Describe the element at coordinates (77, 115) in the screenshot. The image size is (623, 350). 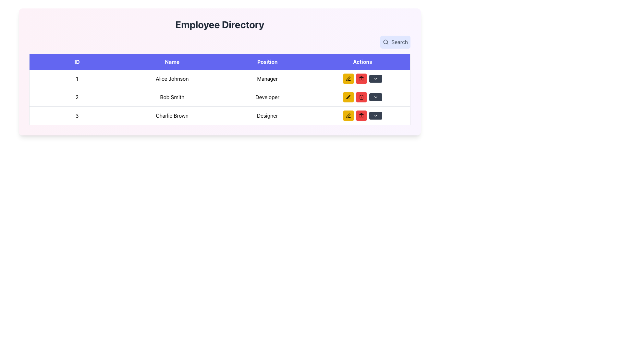
I see `the bold-styled number '3' in the 'ID' column of the last visible row in the table, which is adjacent to 'Charlie Brown' in the 'Name' column` at that location.